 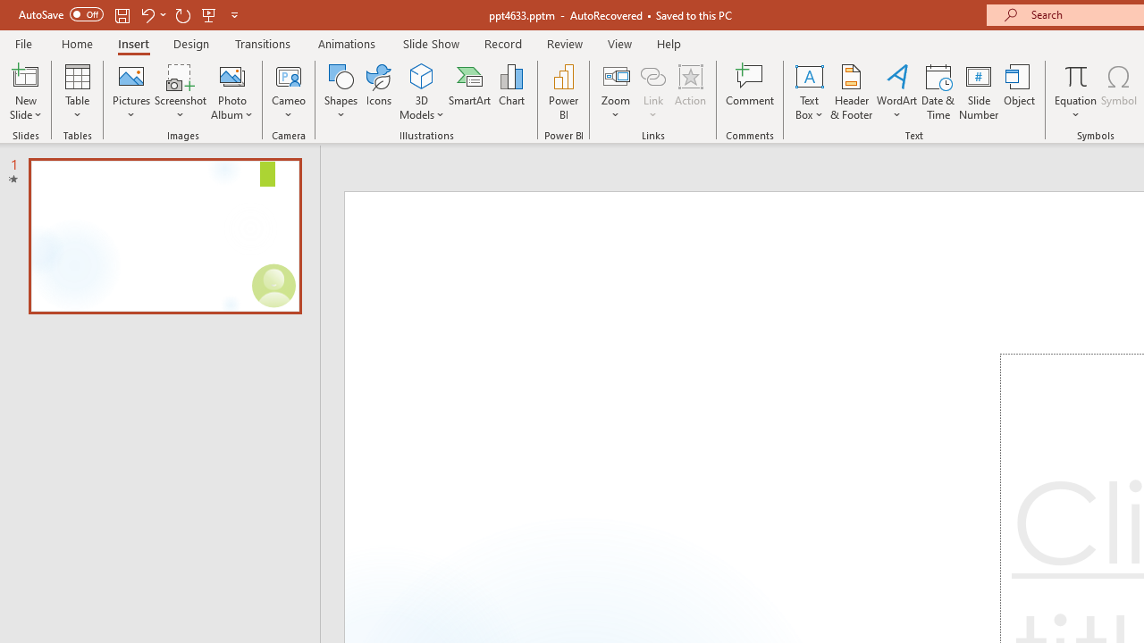 I want to click on 'SmartArt...', so click(x=470, y=92).